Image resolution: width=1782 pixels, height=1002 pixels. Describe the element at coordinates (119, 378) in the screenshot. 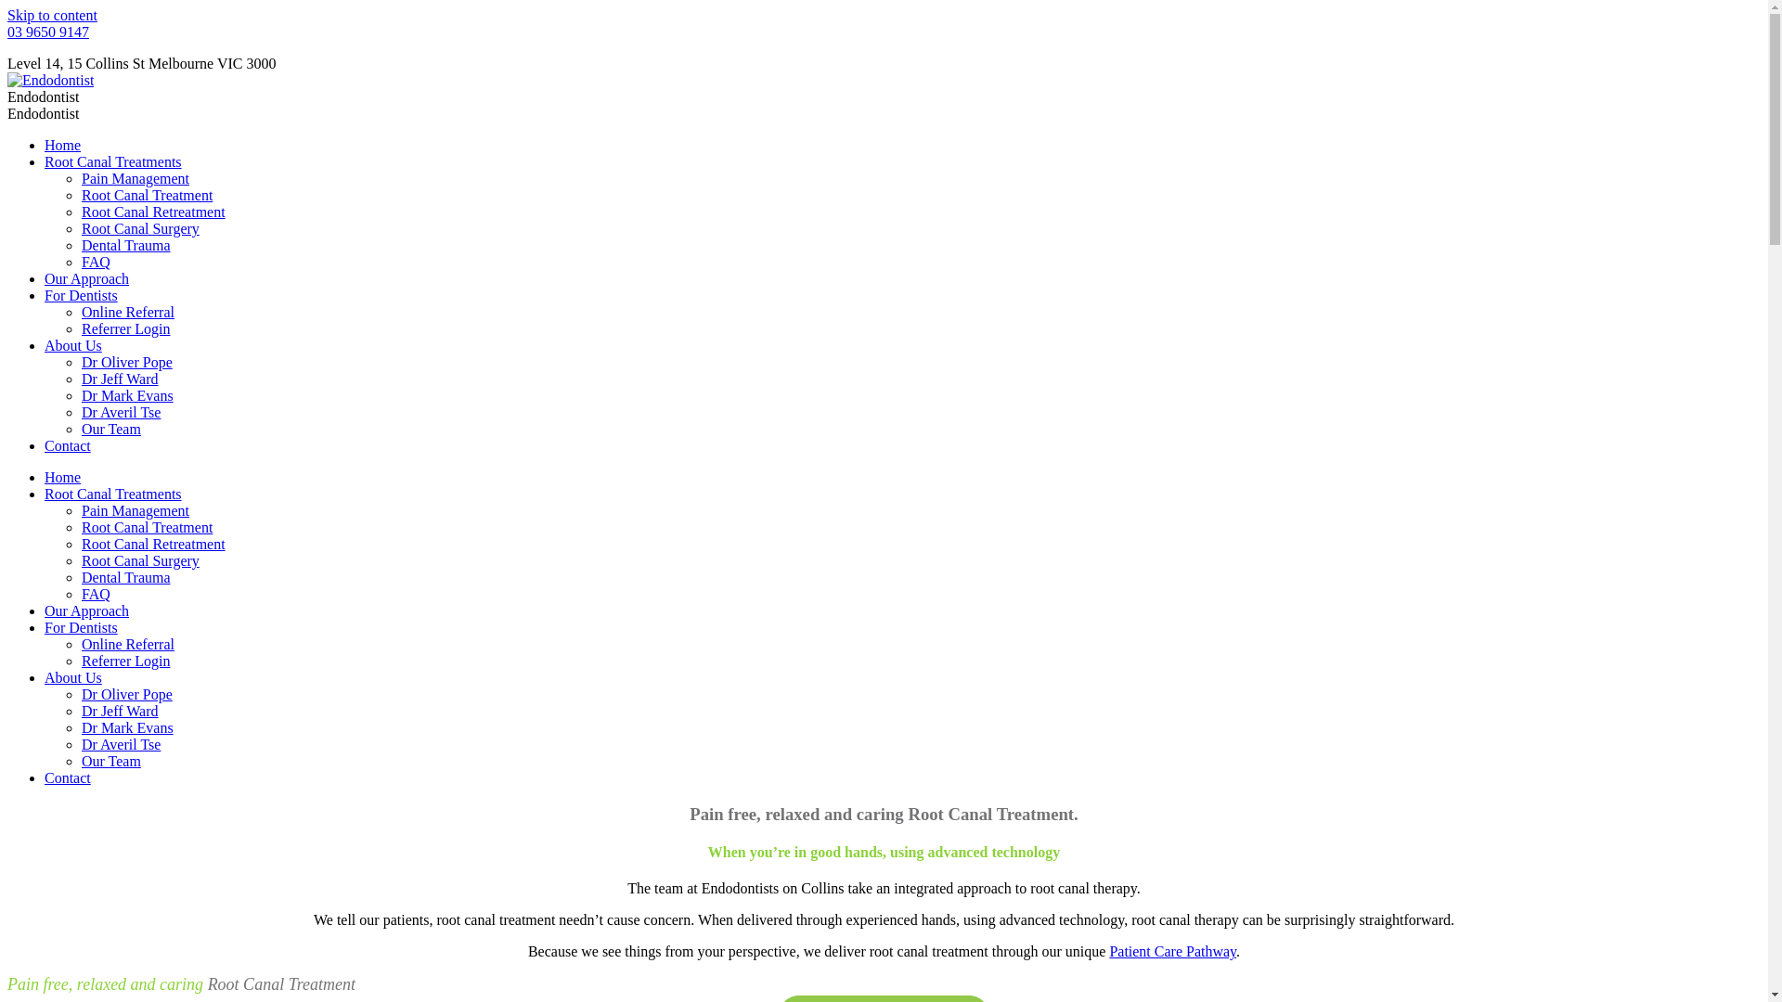

I see `'Dr Jeff Ward'` at that location.